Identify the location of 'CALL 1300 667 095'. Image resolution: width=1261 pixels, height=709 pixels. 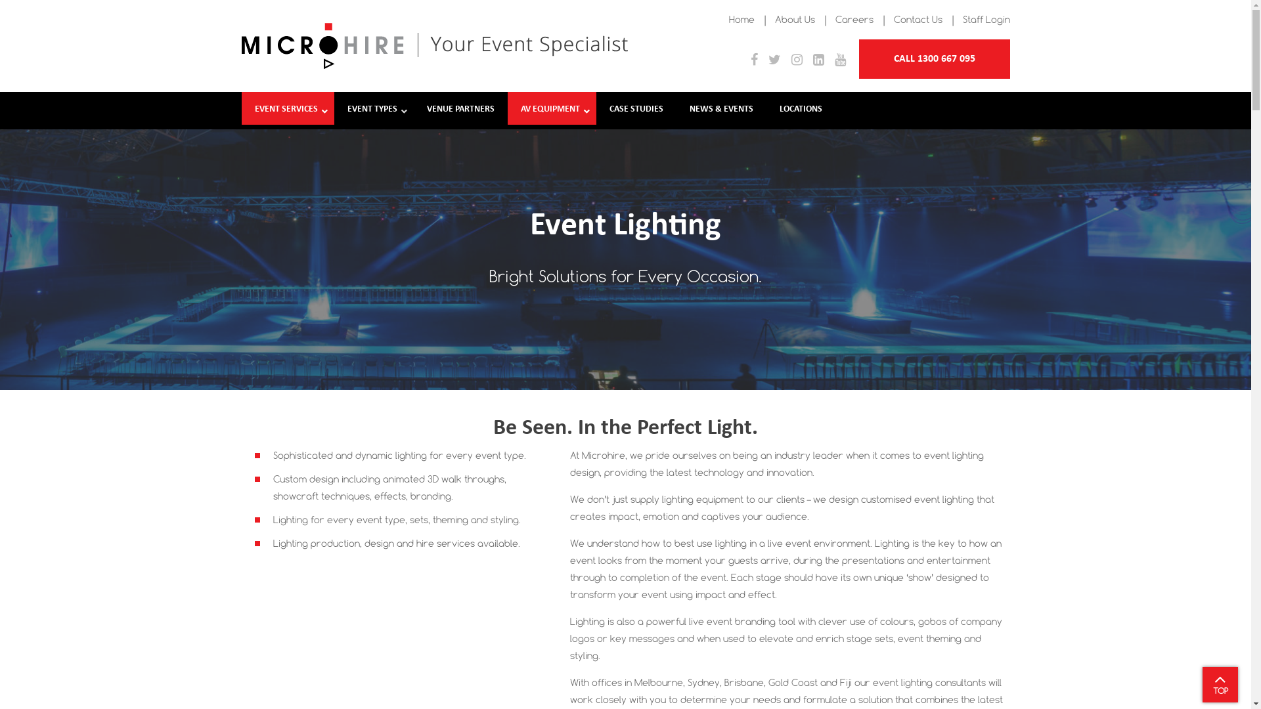
(859, 58).